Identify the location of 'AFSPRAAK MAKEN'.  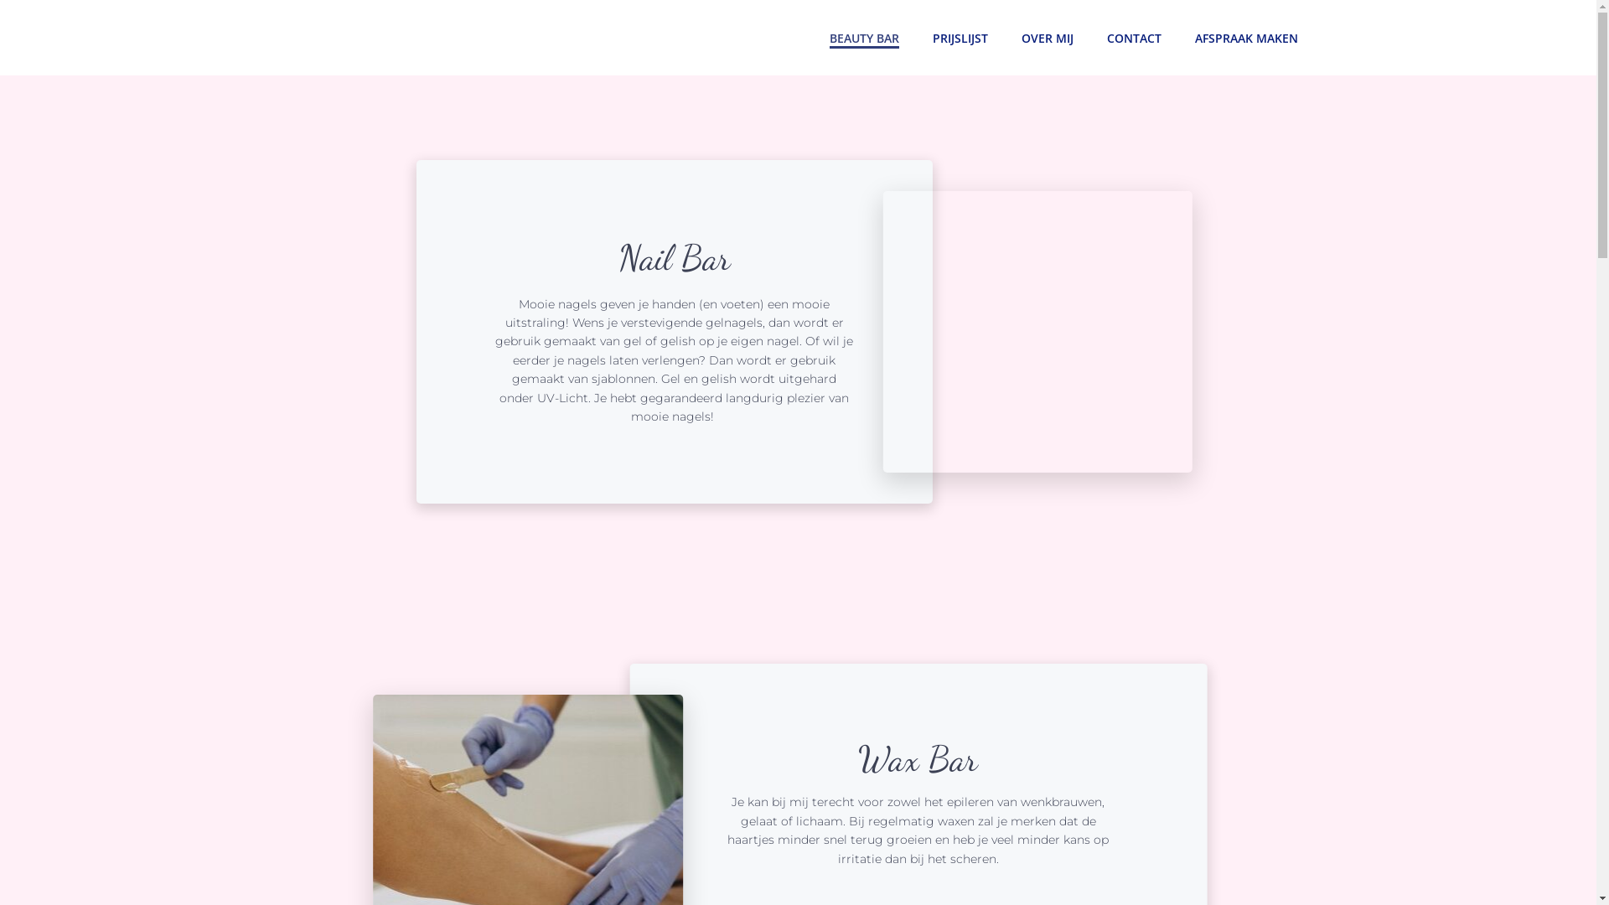
(1246, 37).